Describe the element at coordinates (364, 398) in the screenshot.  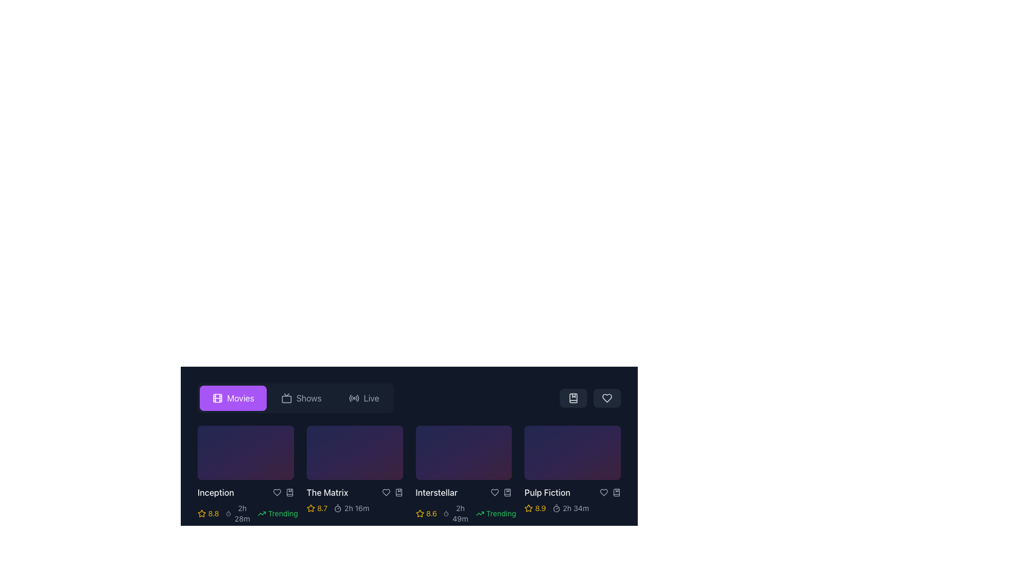
I see `the 'Live' button, which is the rightmost button with a dark background and light gray text` at that location.